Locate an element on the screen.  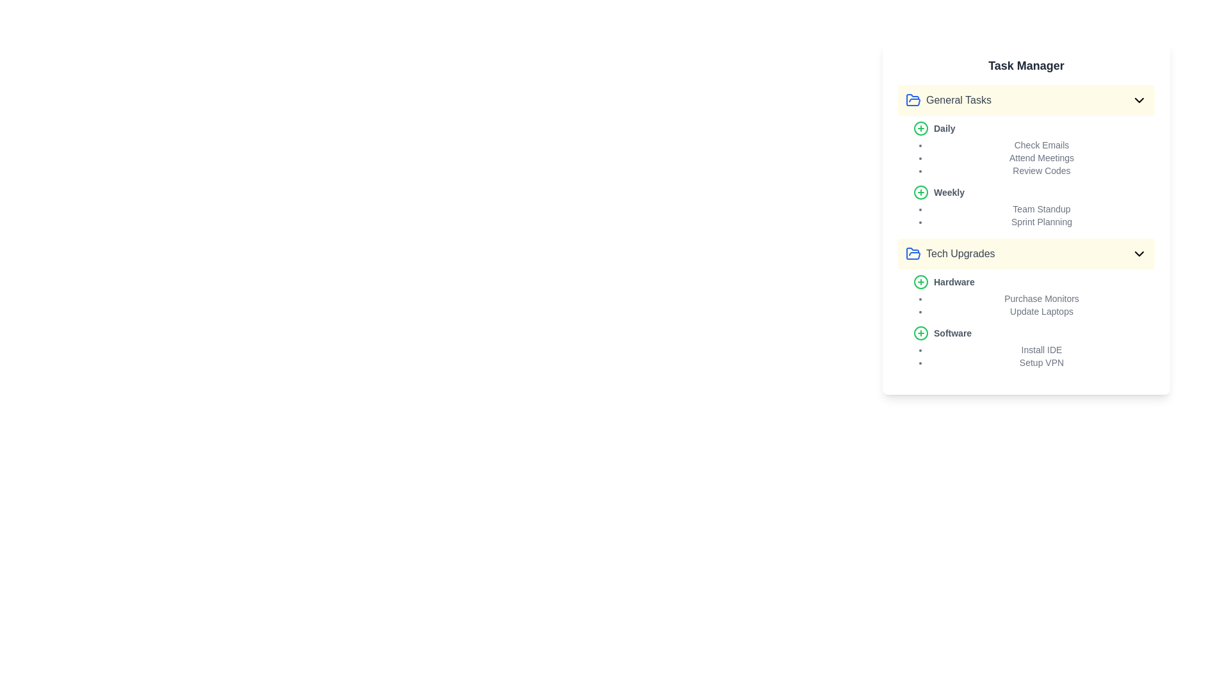
the text label indicating the task 'Update Laptops' in the 'Hardware' section of the Task Manager interface is located at coordinates (1041, 311).